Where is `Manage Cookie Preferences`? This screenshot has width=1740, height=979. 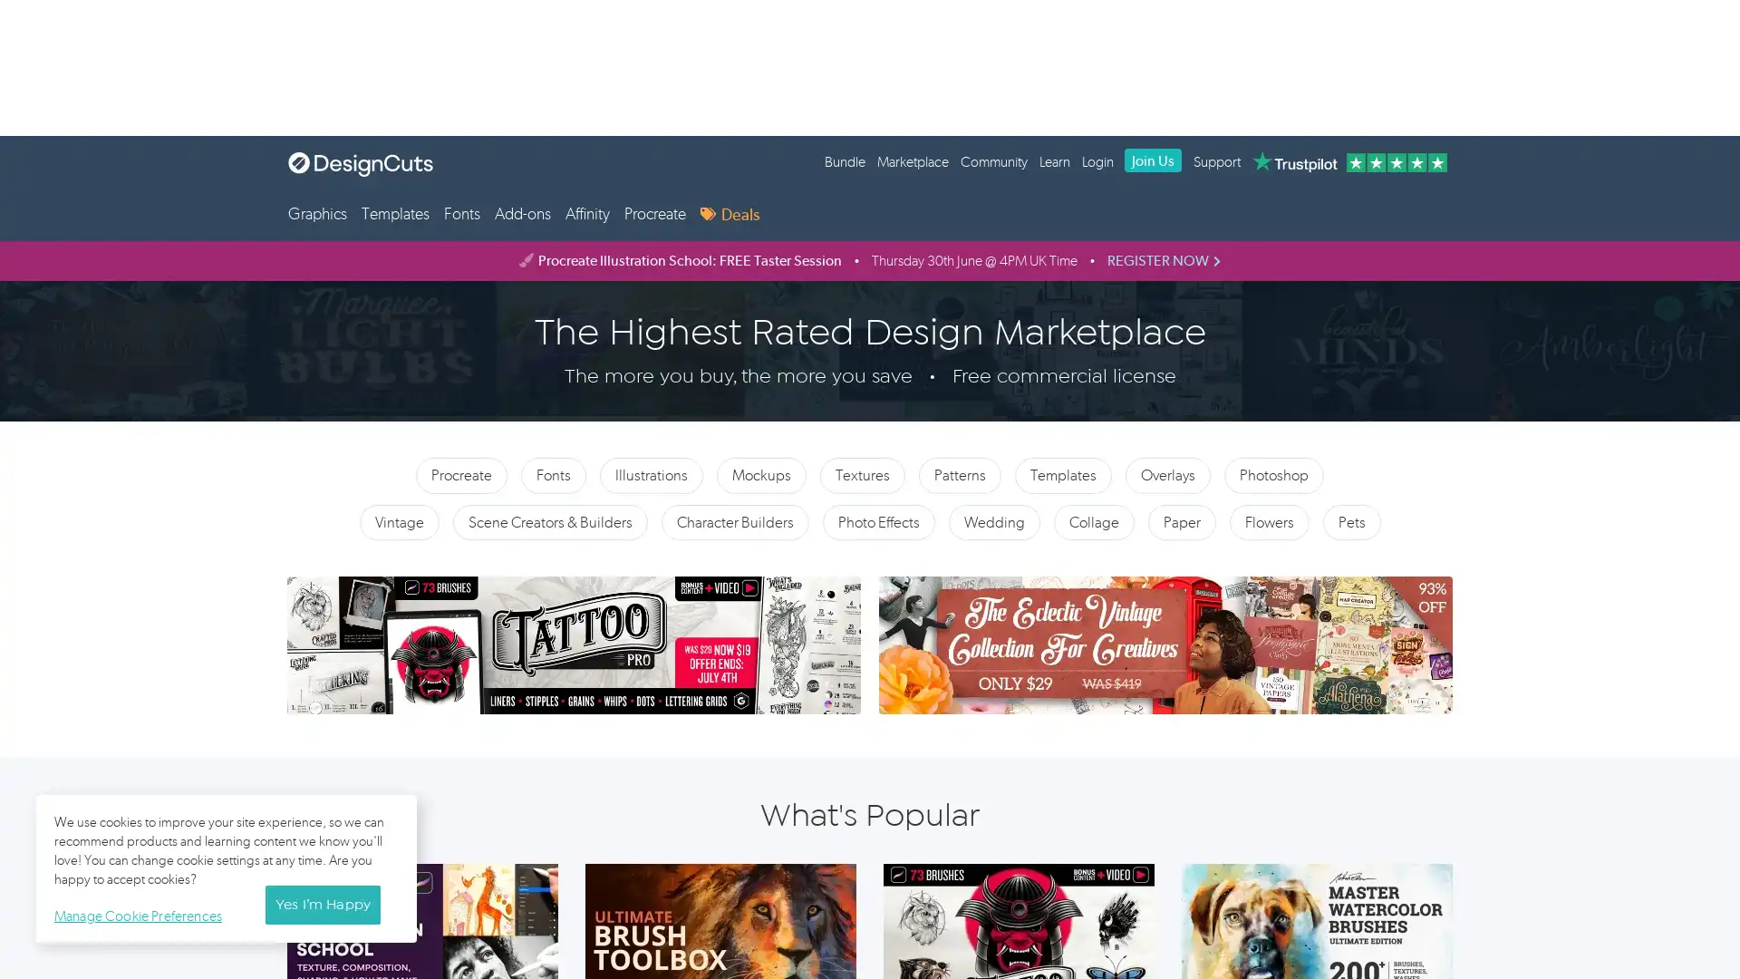
Manage Cookie Preferences is located at coordinates (141, 913).